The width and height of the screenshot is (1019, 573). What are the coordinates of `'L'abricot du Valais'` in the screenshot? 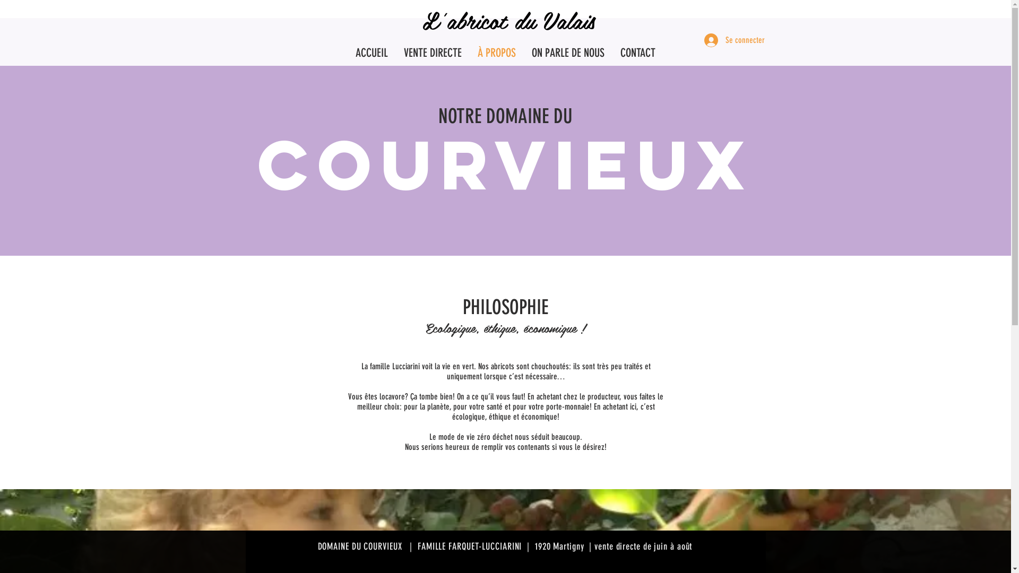 It's located at (508, 20).